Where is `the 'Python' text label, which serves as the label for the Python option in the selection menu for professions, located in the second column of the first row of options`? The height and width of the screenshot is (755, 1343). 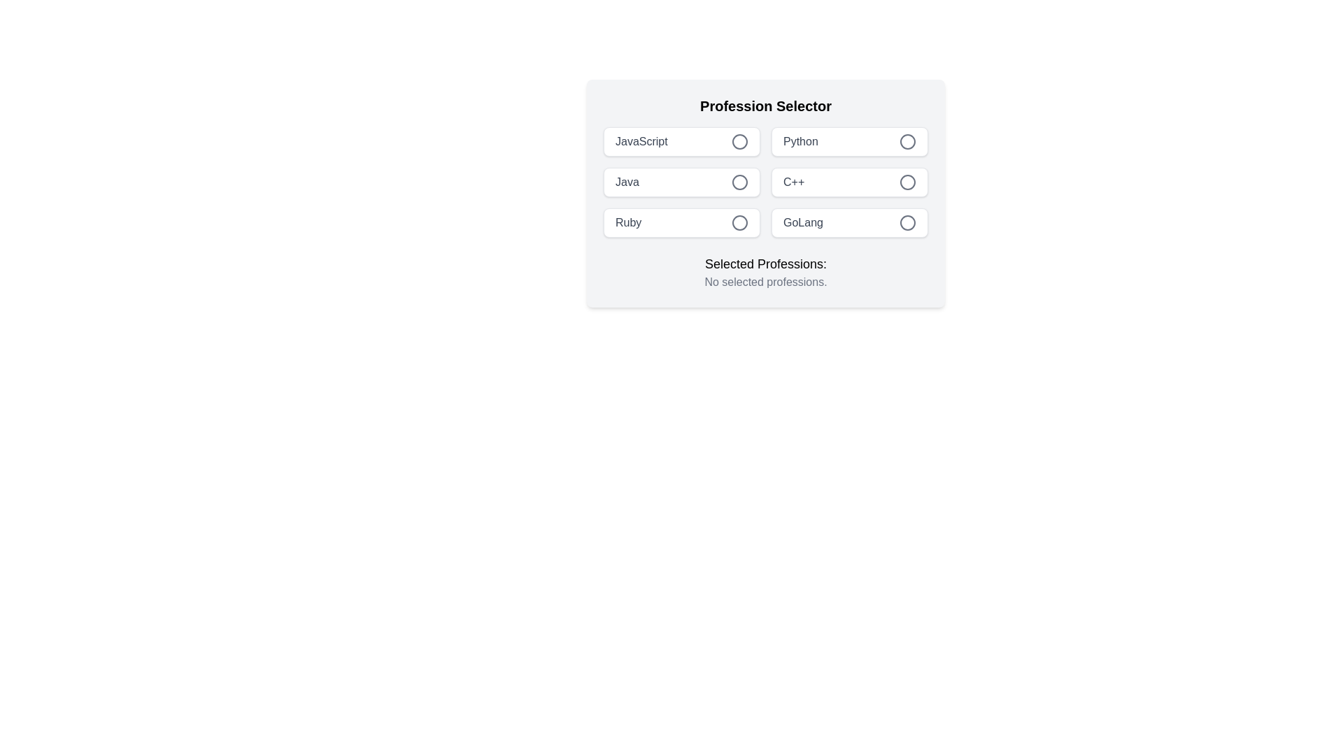
the 'Python' text label, which serves as the label for the Python option in the selection menu for professions, located in the second column of the first row of options is located at coordinates (800, 142).